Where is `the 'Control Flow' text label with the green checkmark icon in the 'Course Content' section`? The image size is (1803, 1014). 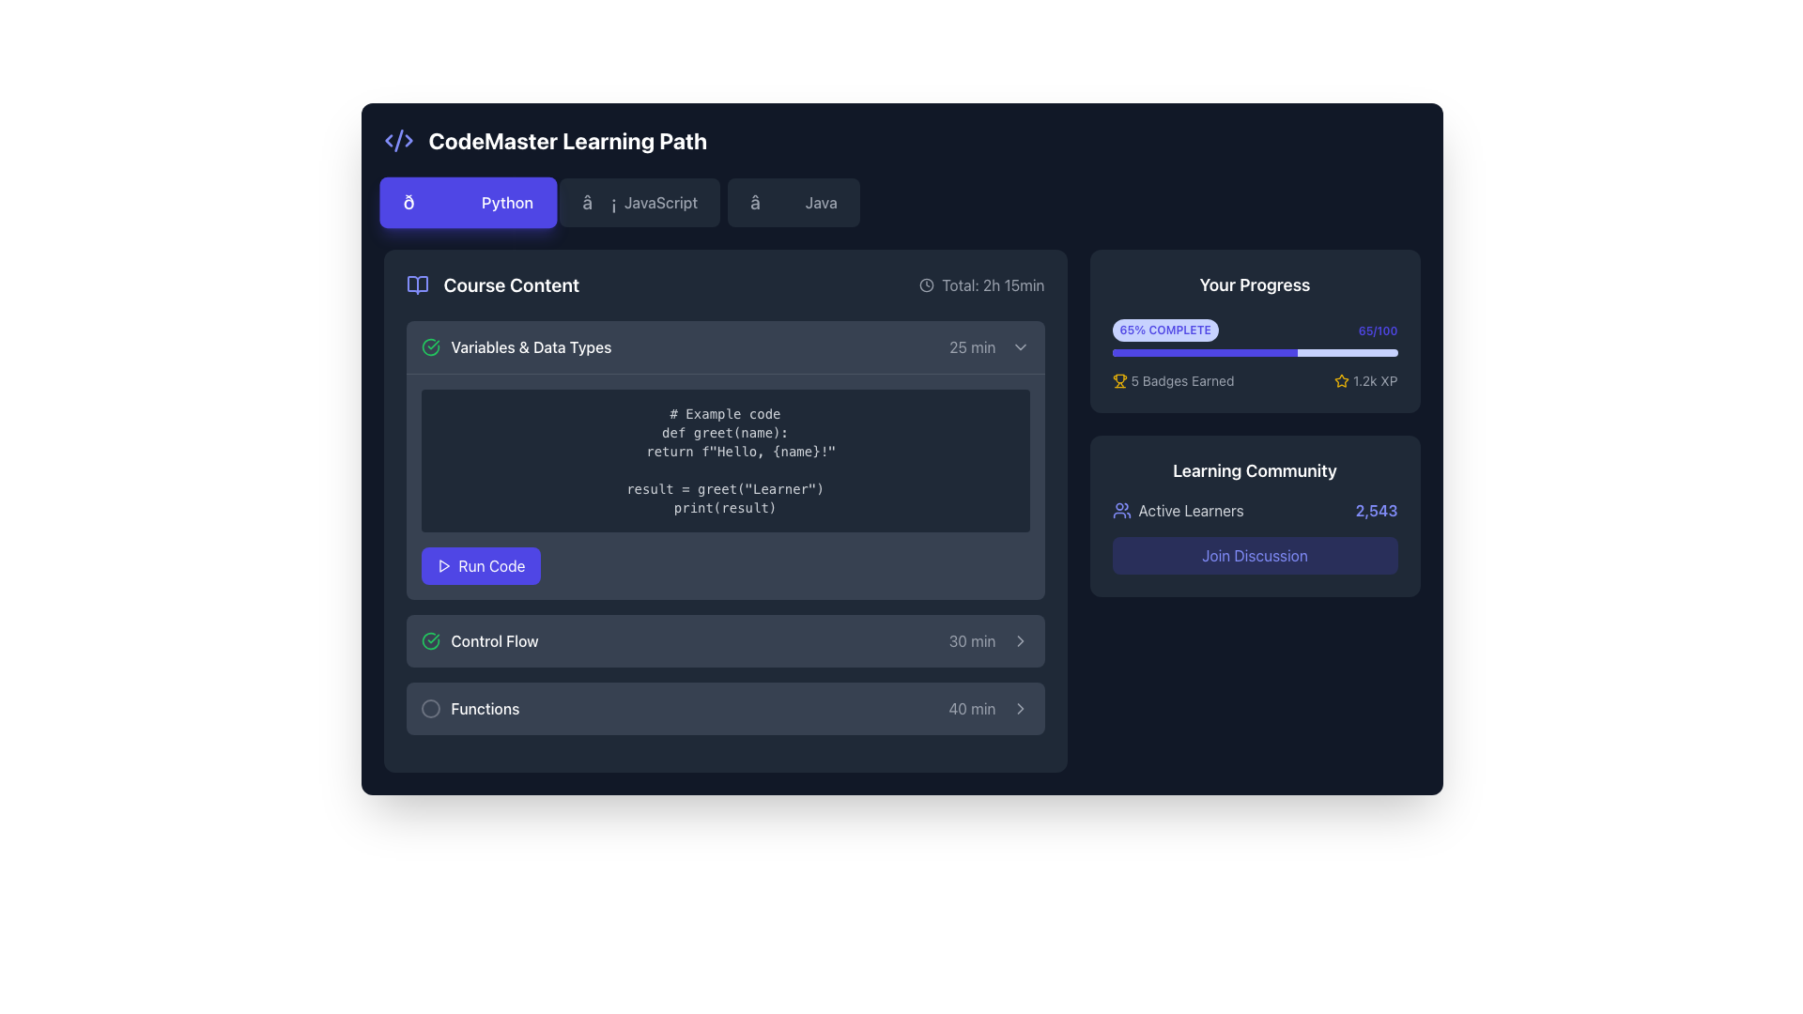 the 'Control Flow' text label with the green checkmark icon in the 'Course Content' section is located at coordinates (480, 639).